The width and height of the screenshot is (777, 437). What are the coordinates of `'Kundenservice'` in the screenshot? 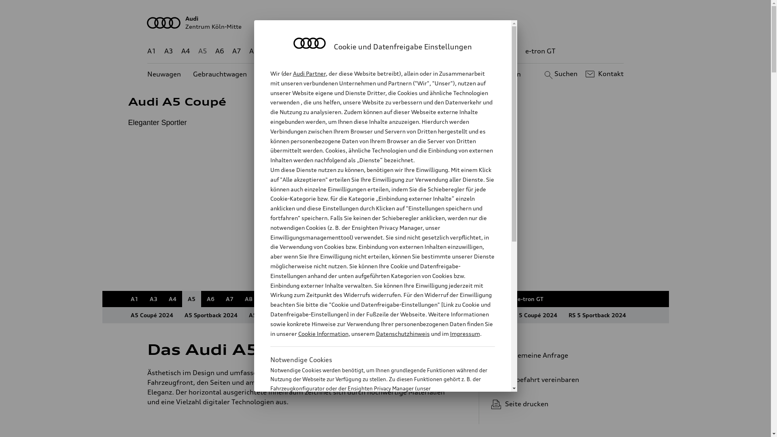 It's located at (390, 74).